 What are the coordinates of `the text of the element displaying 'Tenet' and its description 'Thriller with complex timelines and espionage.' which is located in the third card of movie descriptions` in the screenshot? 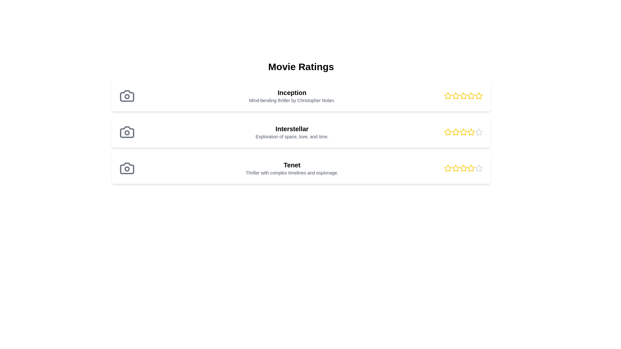 It's located at (291, 168).